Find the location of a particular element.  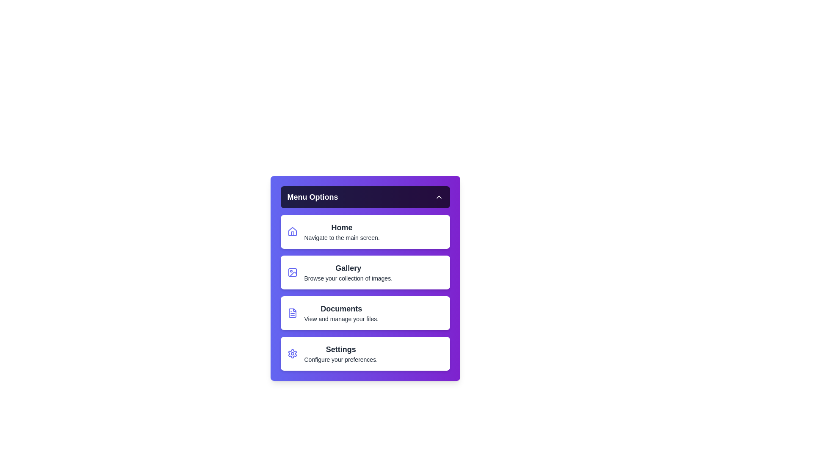

the menu item labeled Home is located at coordinates (365, 231).